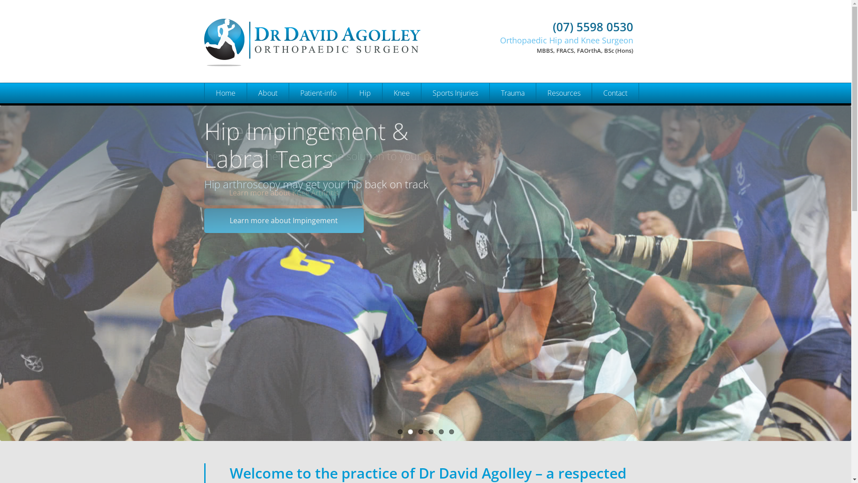  I want to click on 'Hip Periacetabular Osteotomy (PAO)', so click(347, 214).